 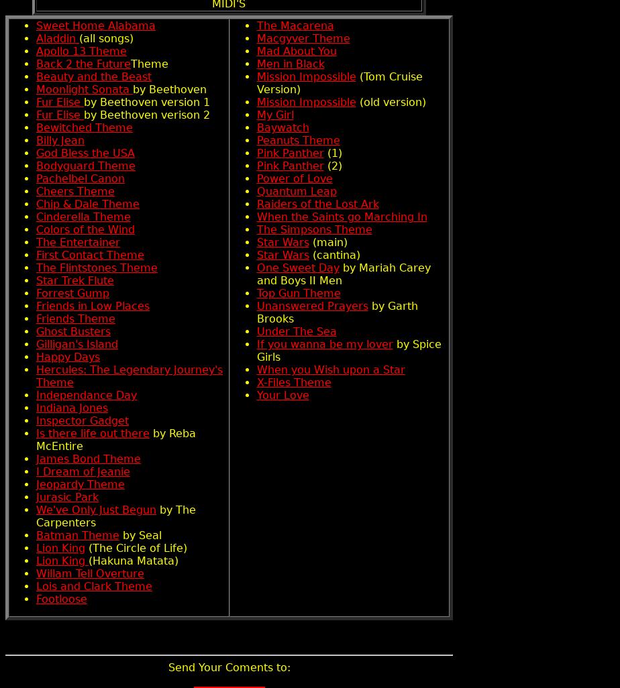 What do you see at coordinates (81, 50) in the screenshot?
I see `'Apollo 13 Theme'` at bounding box center [81, 50].